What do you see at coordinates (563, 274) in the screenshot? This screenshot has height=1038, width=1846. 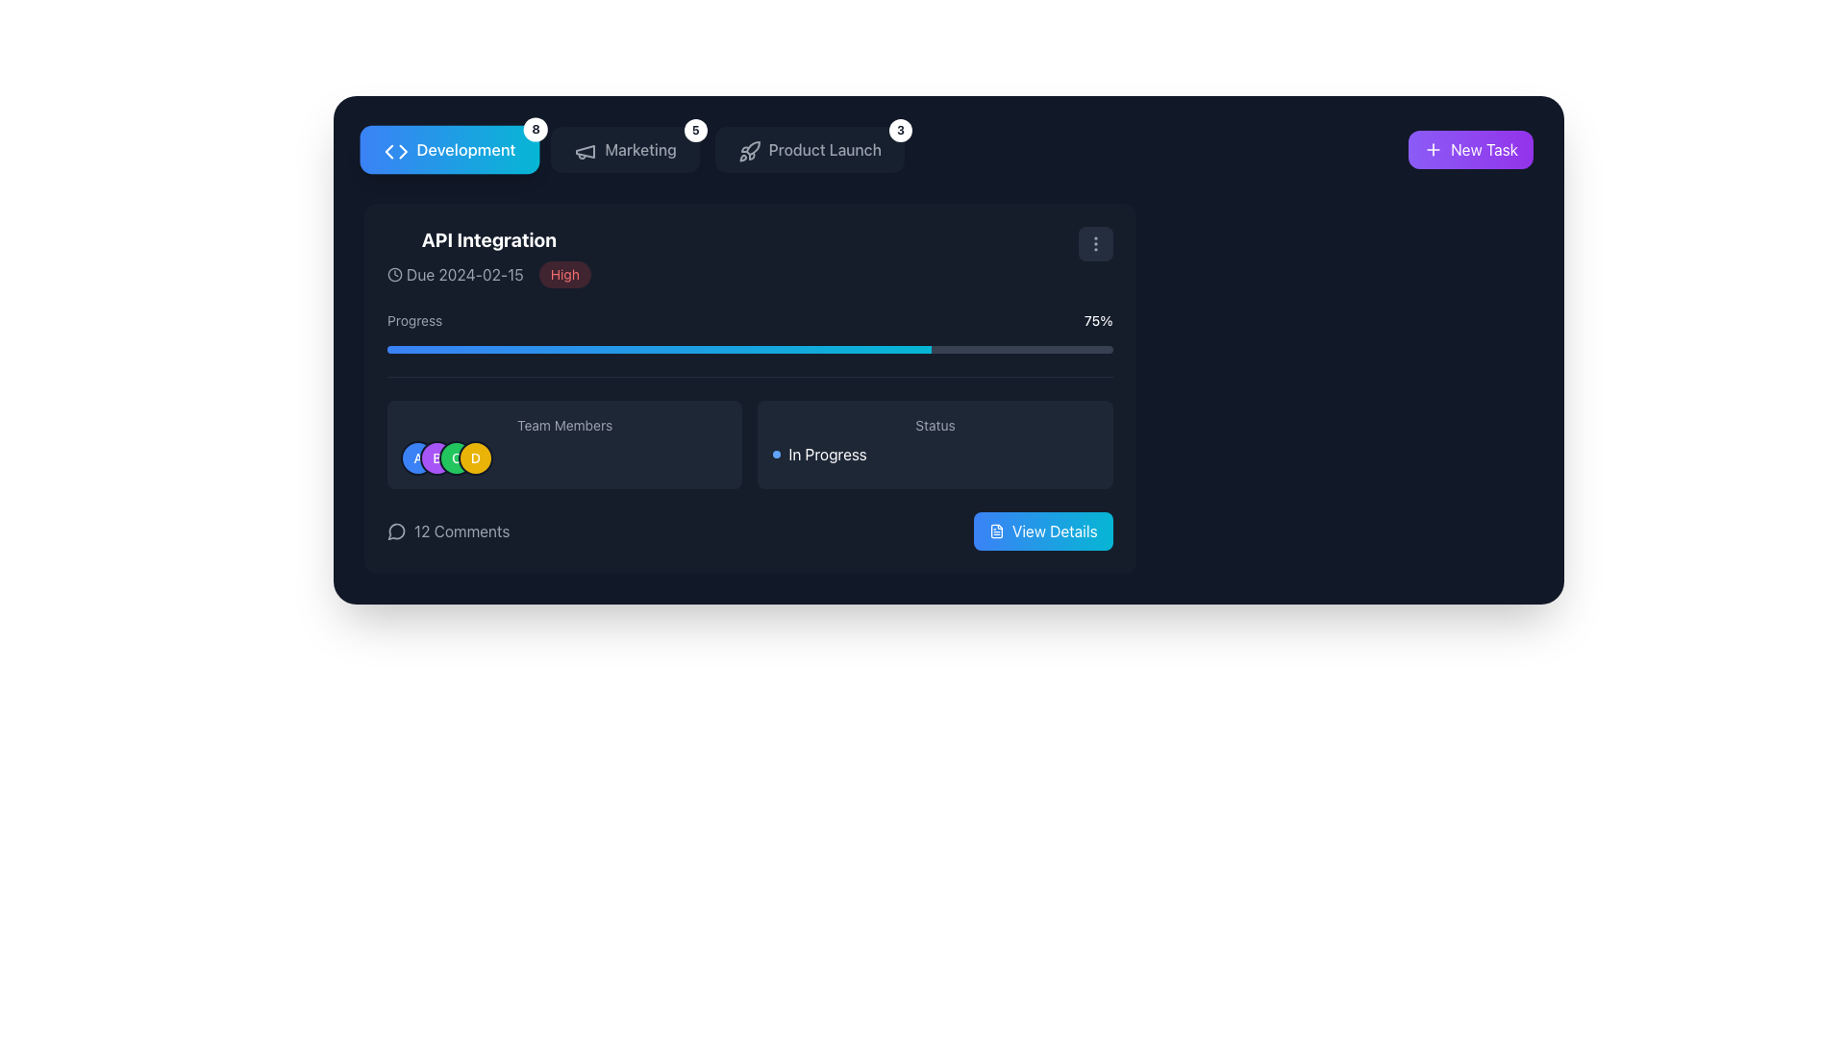 I see `the priority level label in the top-right corner of the task overview box for 'API Integration', which follows the text 'Due 2024-02-15'` at bounding box center [563, 274].